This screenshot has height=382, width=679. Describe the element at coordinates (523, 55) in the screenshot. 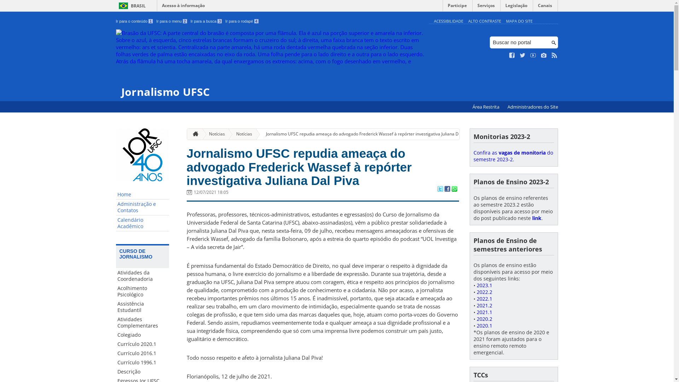

I see `'Siga no Twitter'` at that location.